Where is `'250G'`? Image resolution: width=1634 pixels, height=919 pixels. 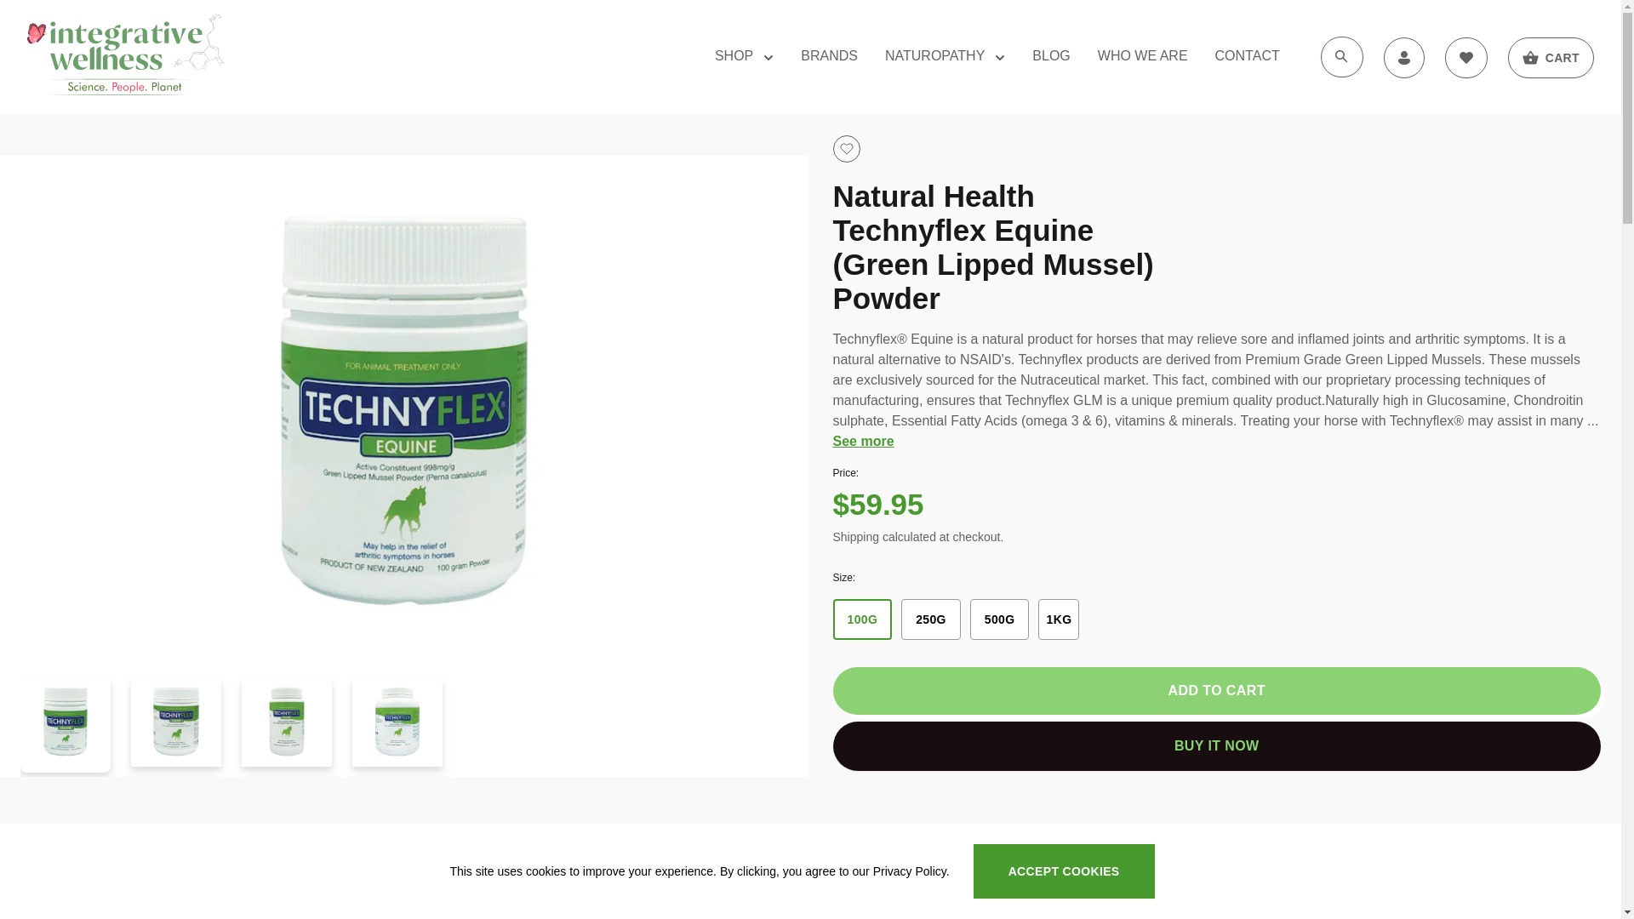 '250G' is located at coordinates (930, 619).